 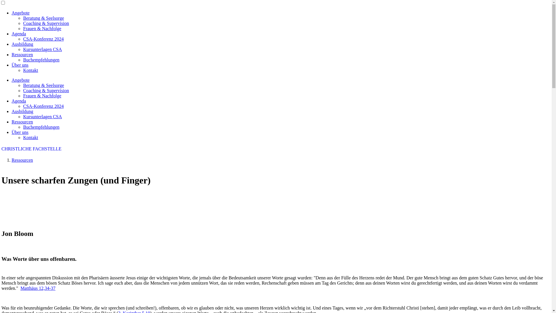 I want to click on 'Kursunterlagen CSA', so click(x=42, y=117).